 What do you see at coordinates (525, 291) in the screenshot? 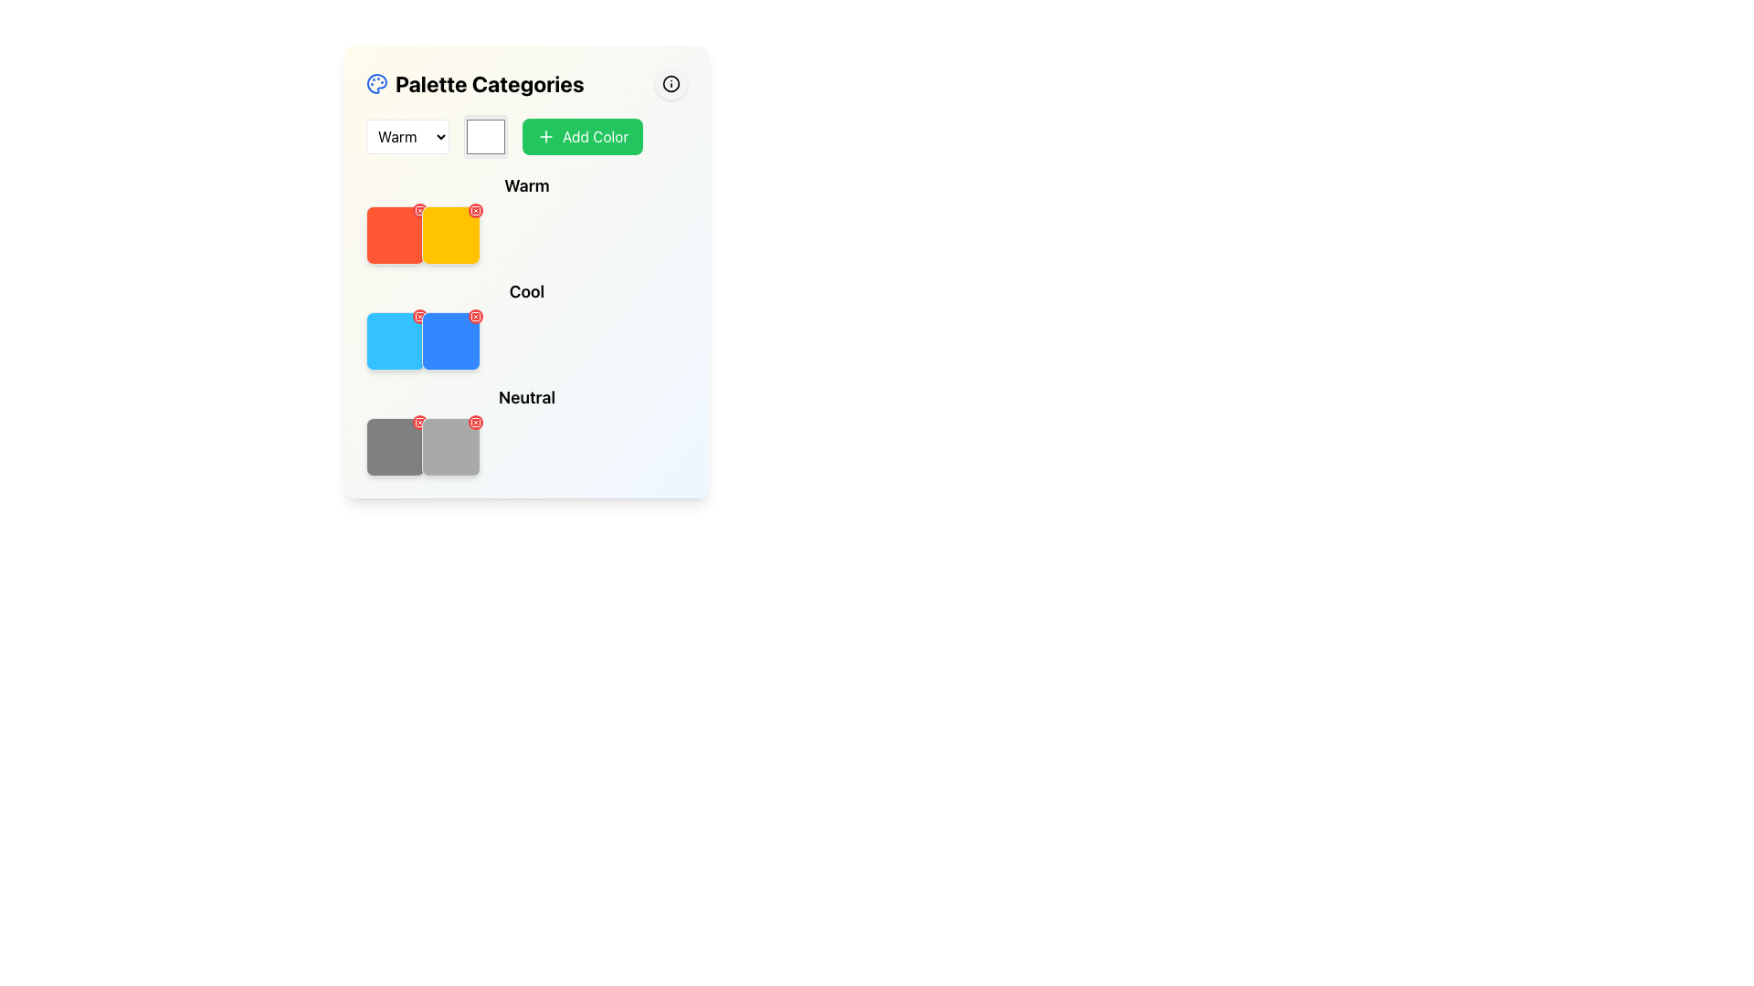
I see `the 'Cool' category label, which is a static text element located at the center of its section, directly above the color tiles` at bounding box center [525, 291].